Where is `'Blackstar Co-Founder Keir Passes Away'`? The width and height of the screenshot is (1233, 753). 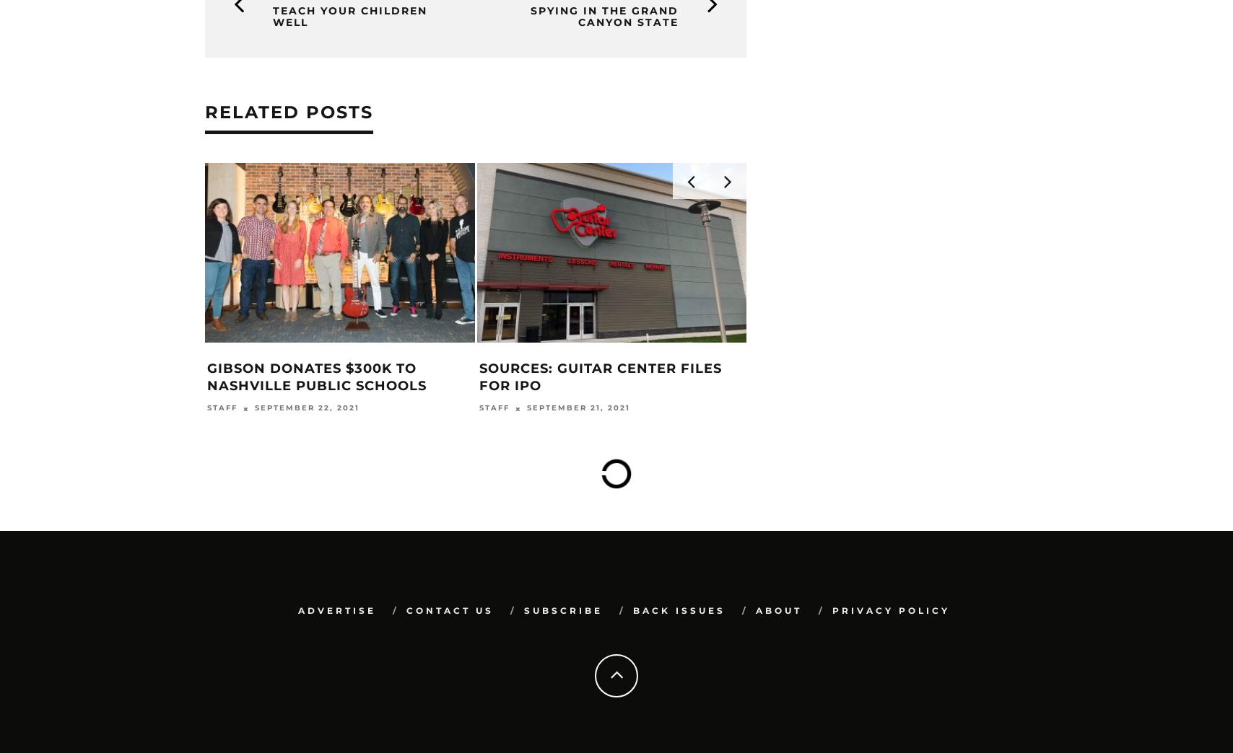
'Blackstar Co-Founder Keir Passes Away' is located at coordinates (867, 376).